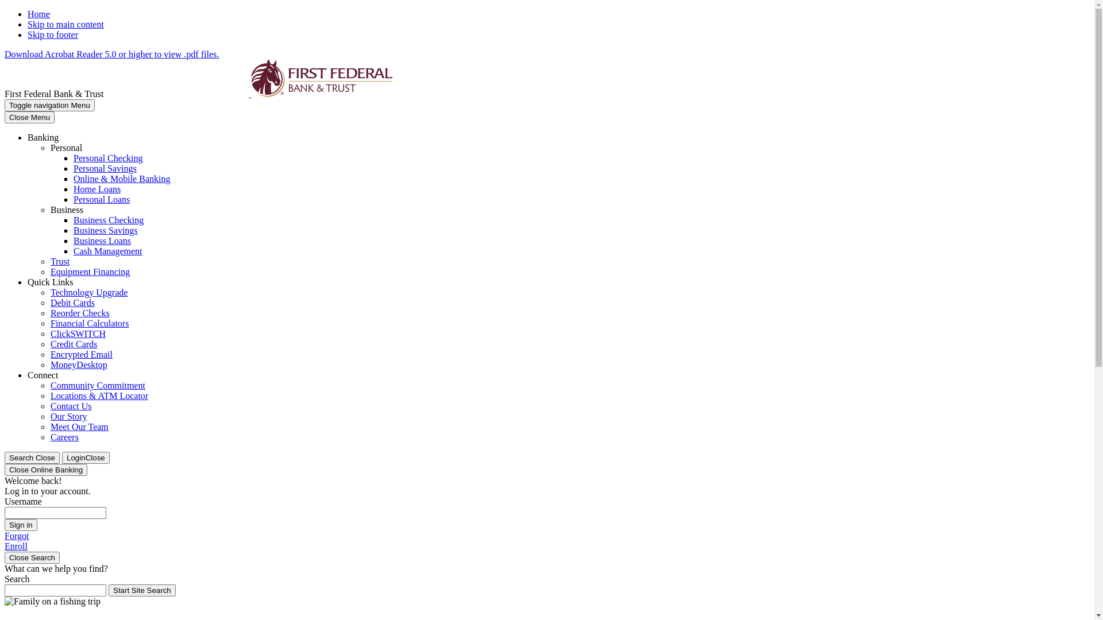 The height and width of the screenshot is (620, 1103). I want to click on 'Contact Us', so click(49, 405).